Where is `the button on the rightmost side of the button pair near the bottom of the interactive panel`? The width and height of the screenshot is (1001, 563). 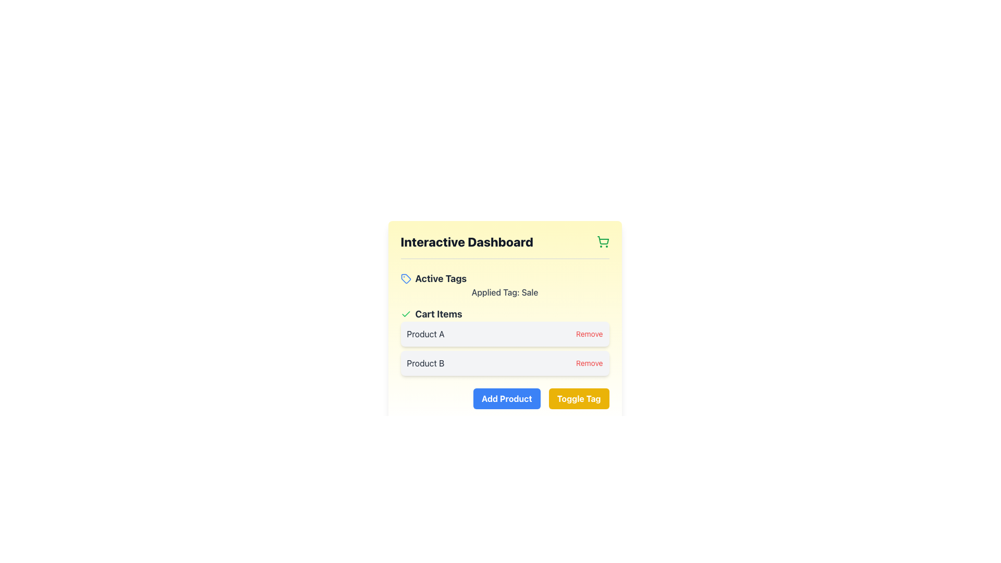
the button on the rightmost side of the button pair near the bottom of the interactive panel is located at coordinates (578, 398).